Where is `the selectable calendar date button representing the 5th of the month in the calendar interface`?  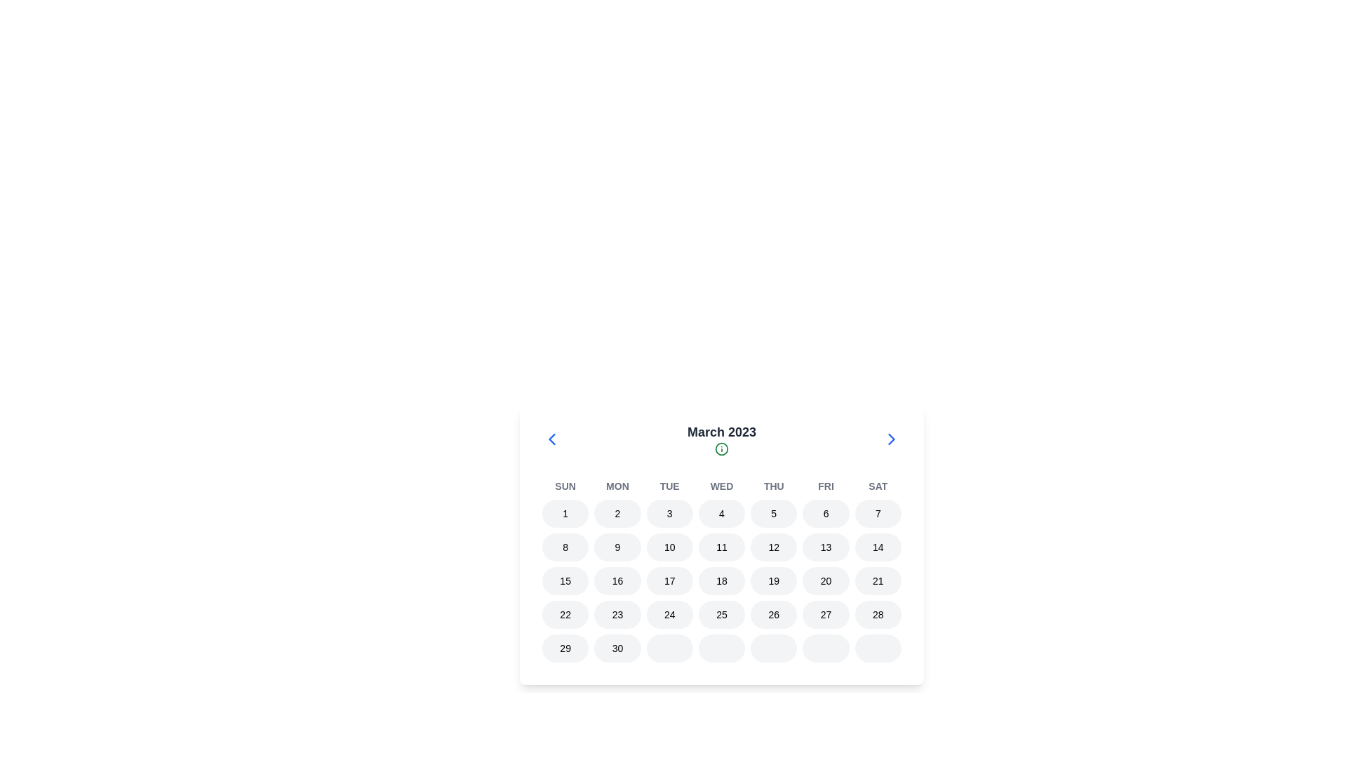 the selectable calendar date button representing the 5th of the month in the calendar interface is located at coordinates (773, 514).